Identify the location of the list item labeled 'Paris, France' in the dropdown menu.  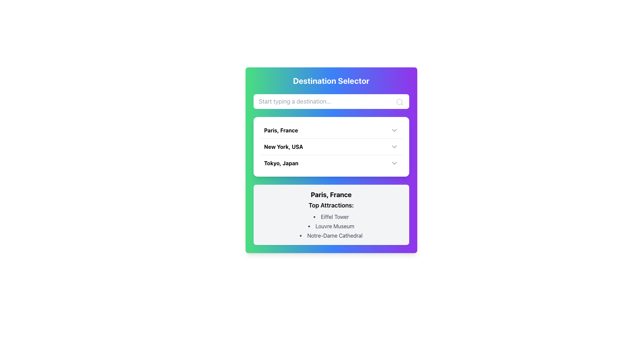
(331, 130).